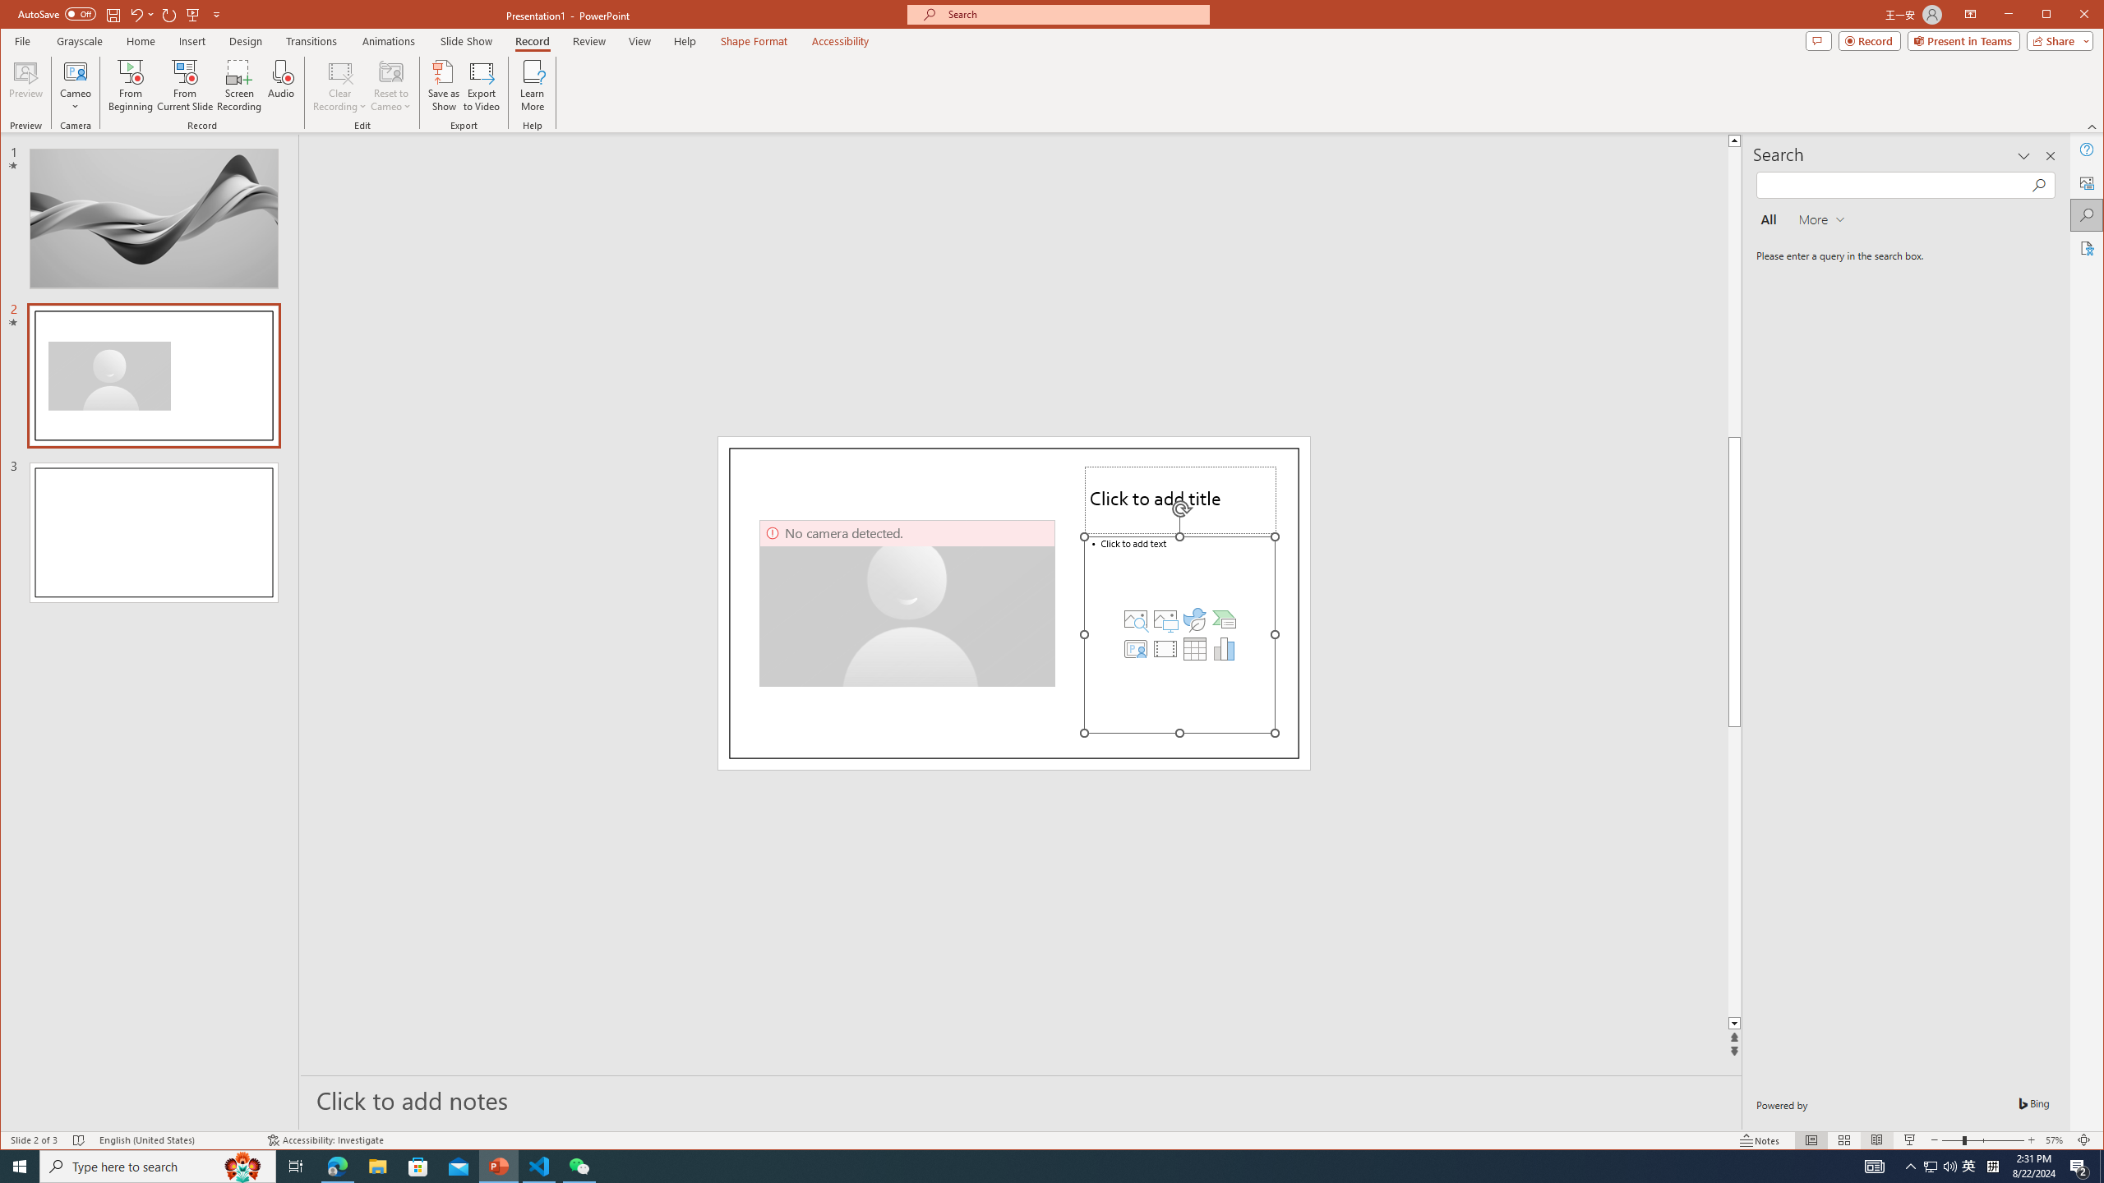 Image resolution: width=2104 pixels, height=1183 pixels. I want to click on 'Insert Video', so click(1165, 648).